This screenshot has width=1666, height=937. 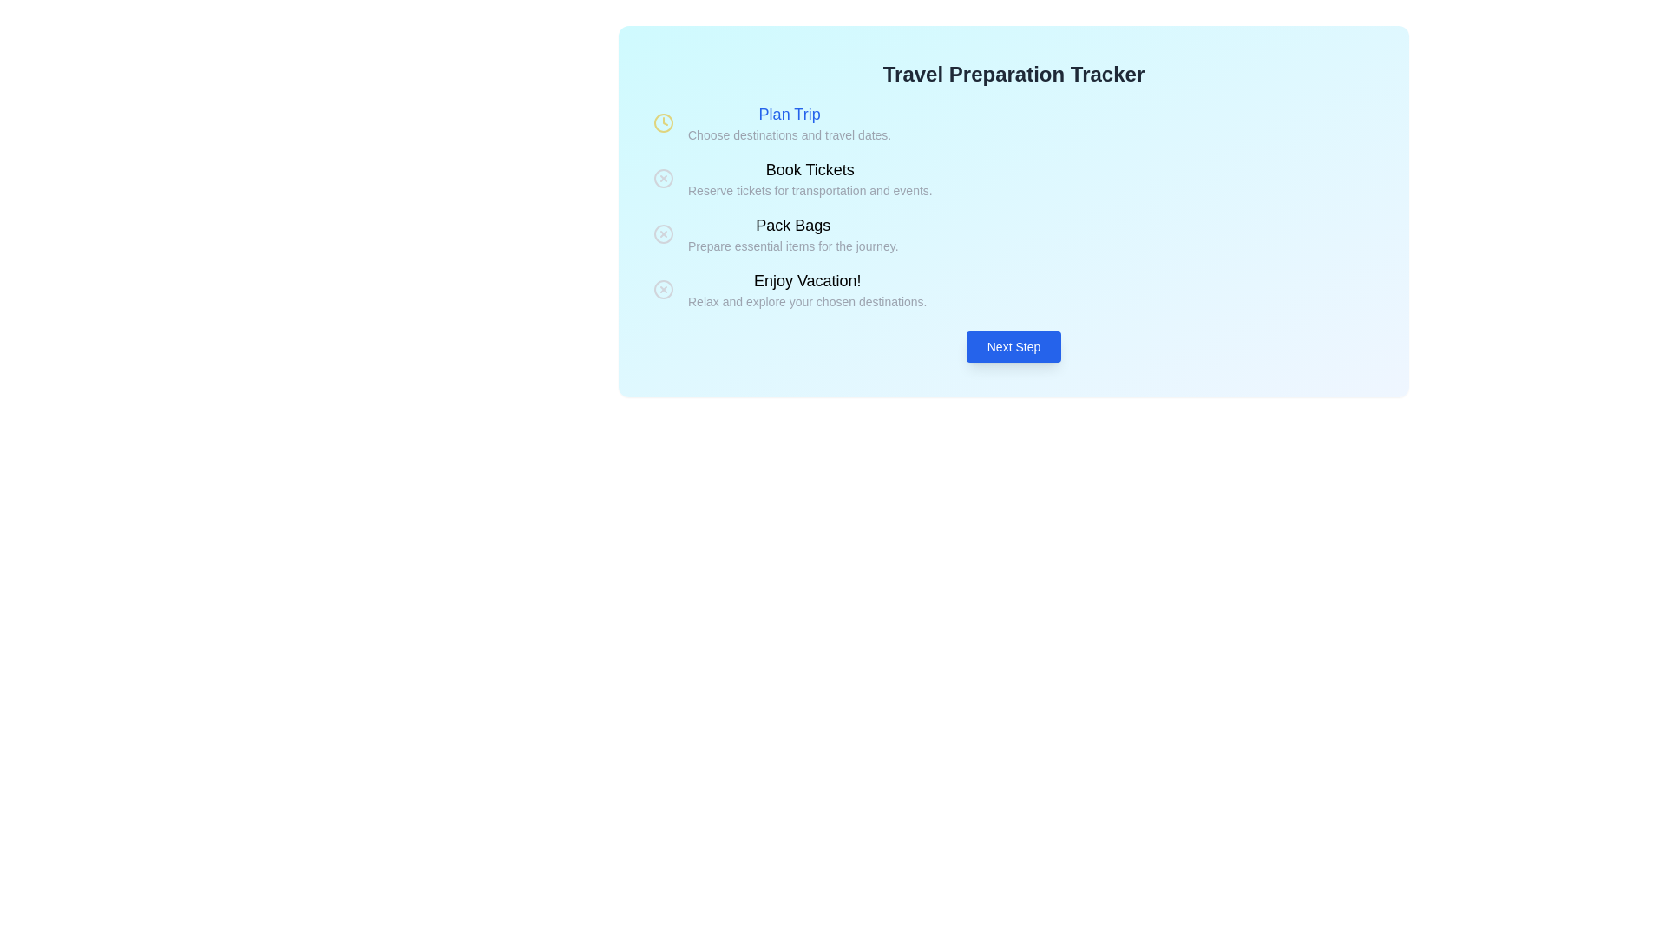 I want to click on the 'Travel Preparation Tracker' text header, so click(x=1013, y=73).